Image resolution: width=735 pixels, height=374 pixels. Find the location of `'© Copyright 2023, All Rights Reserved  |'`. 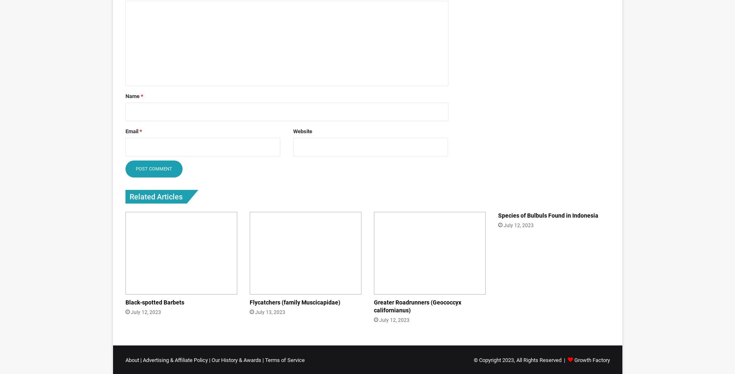

'© Copyright 2023, All Rights Reserved  |' is located at coordinates (520, 360).